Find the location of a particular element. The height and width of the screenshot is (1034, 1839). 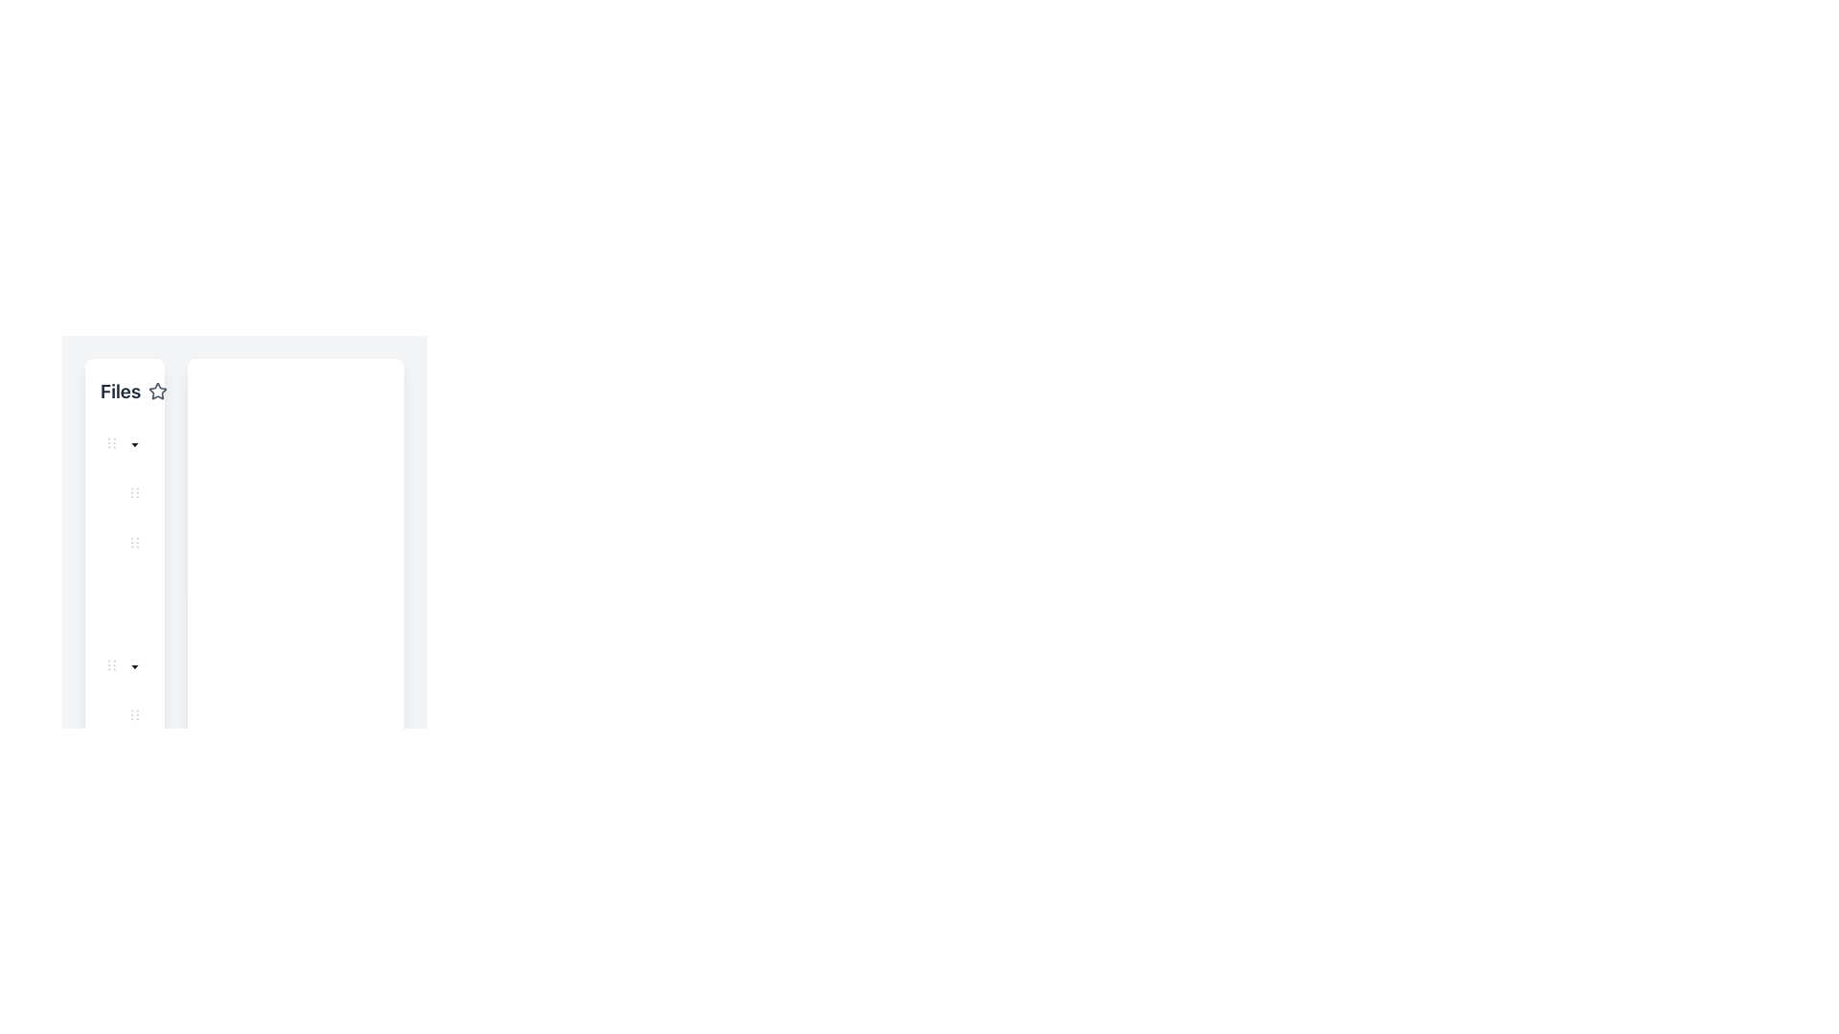

Tree indent graphical indicator located to the left of the 'Q1 Review.docx' item in the file navigation panel is located at coordinates (123, 627).